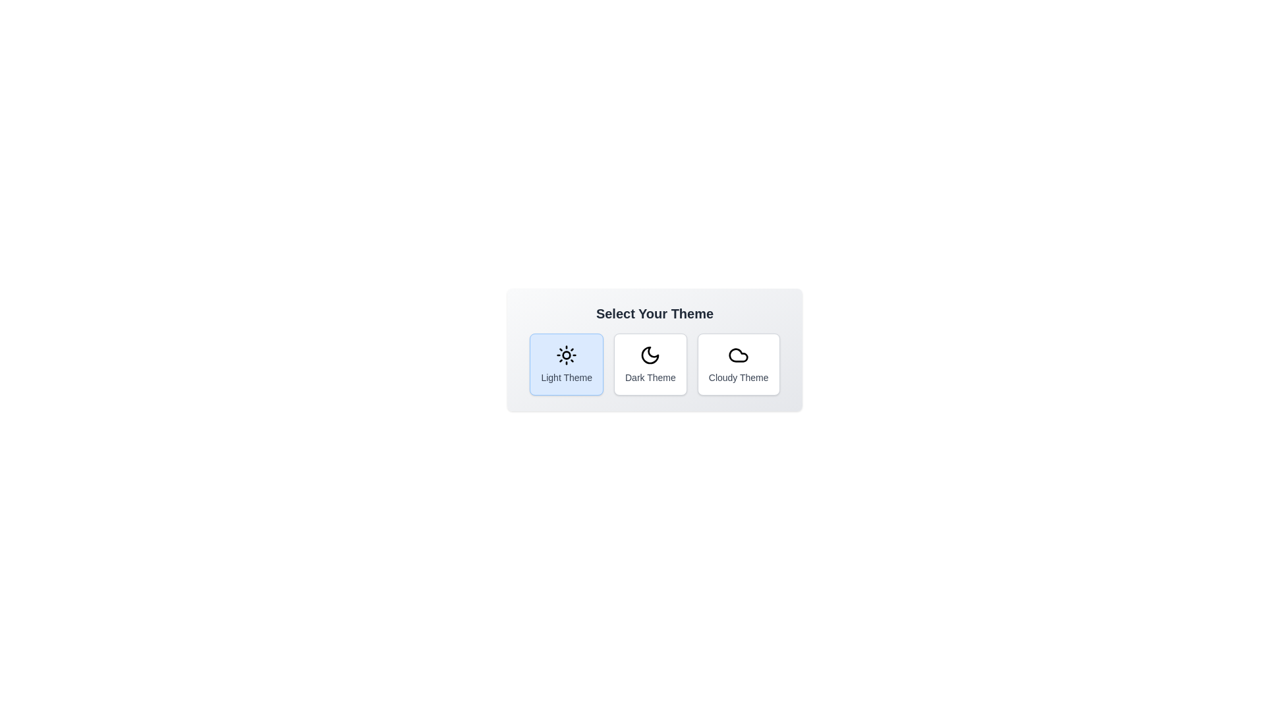 The height and width of the screenshot is (712, 1265). Describe the element at coordinates (567, 355) in the screenshot. I see `the 'Light Theme' button by targeting the small circular shape at the center of the sun icon` at that location.